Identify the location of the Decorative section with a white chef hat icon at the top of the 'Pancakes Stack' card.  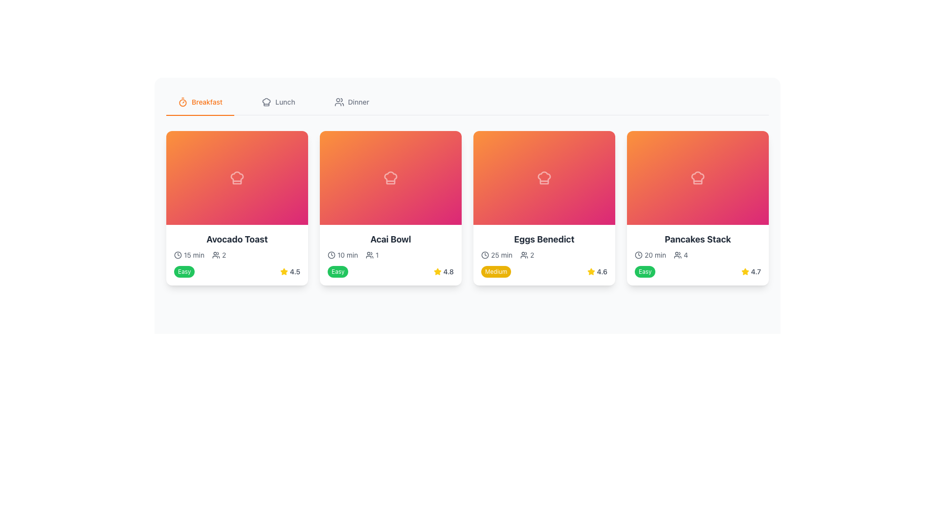
(697, 177).